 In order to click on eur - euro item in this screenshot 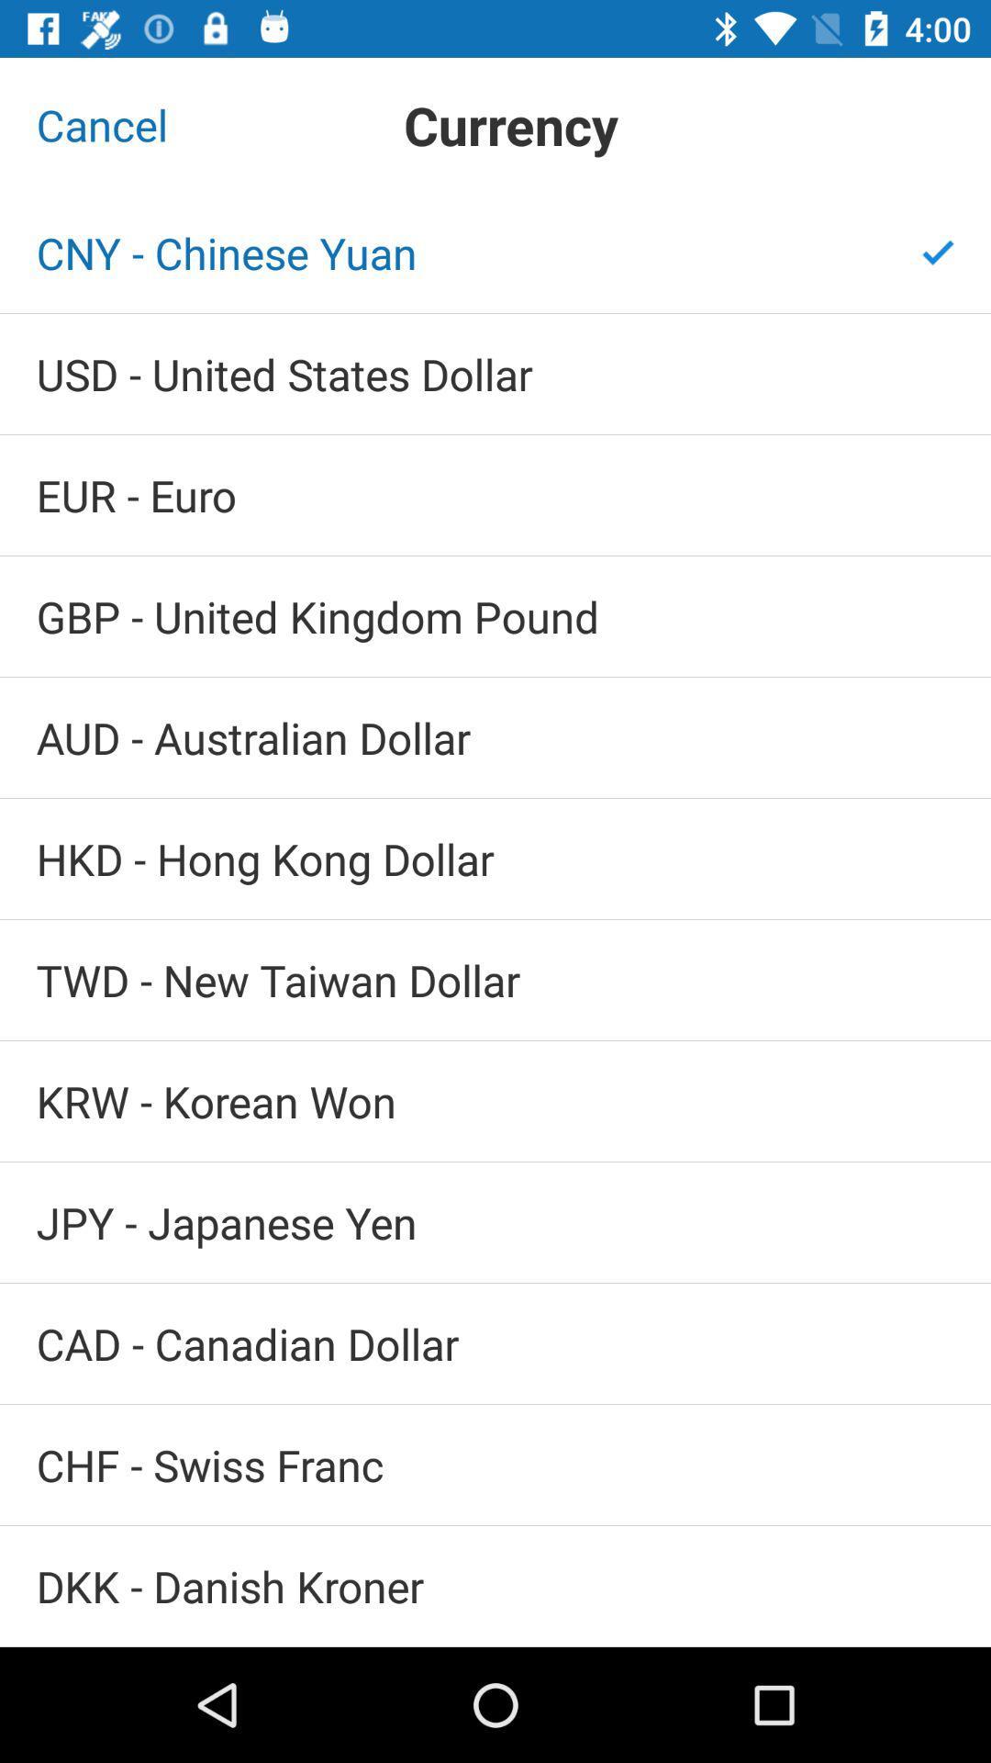, I will do `click(495, 495)`.